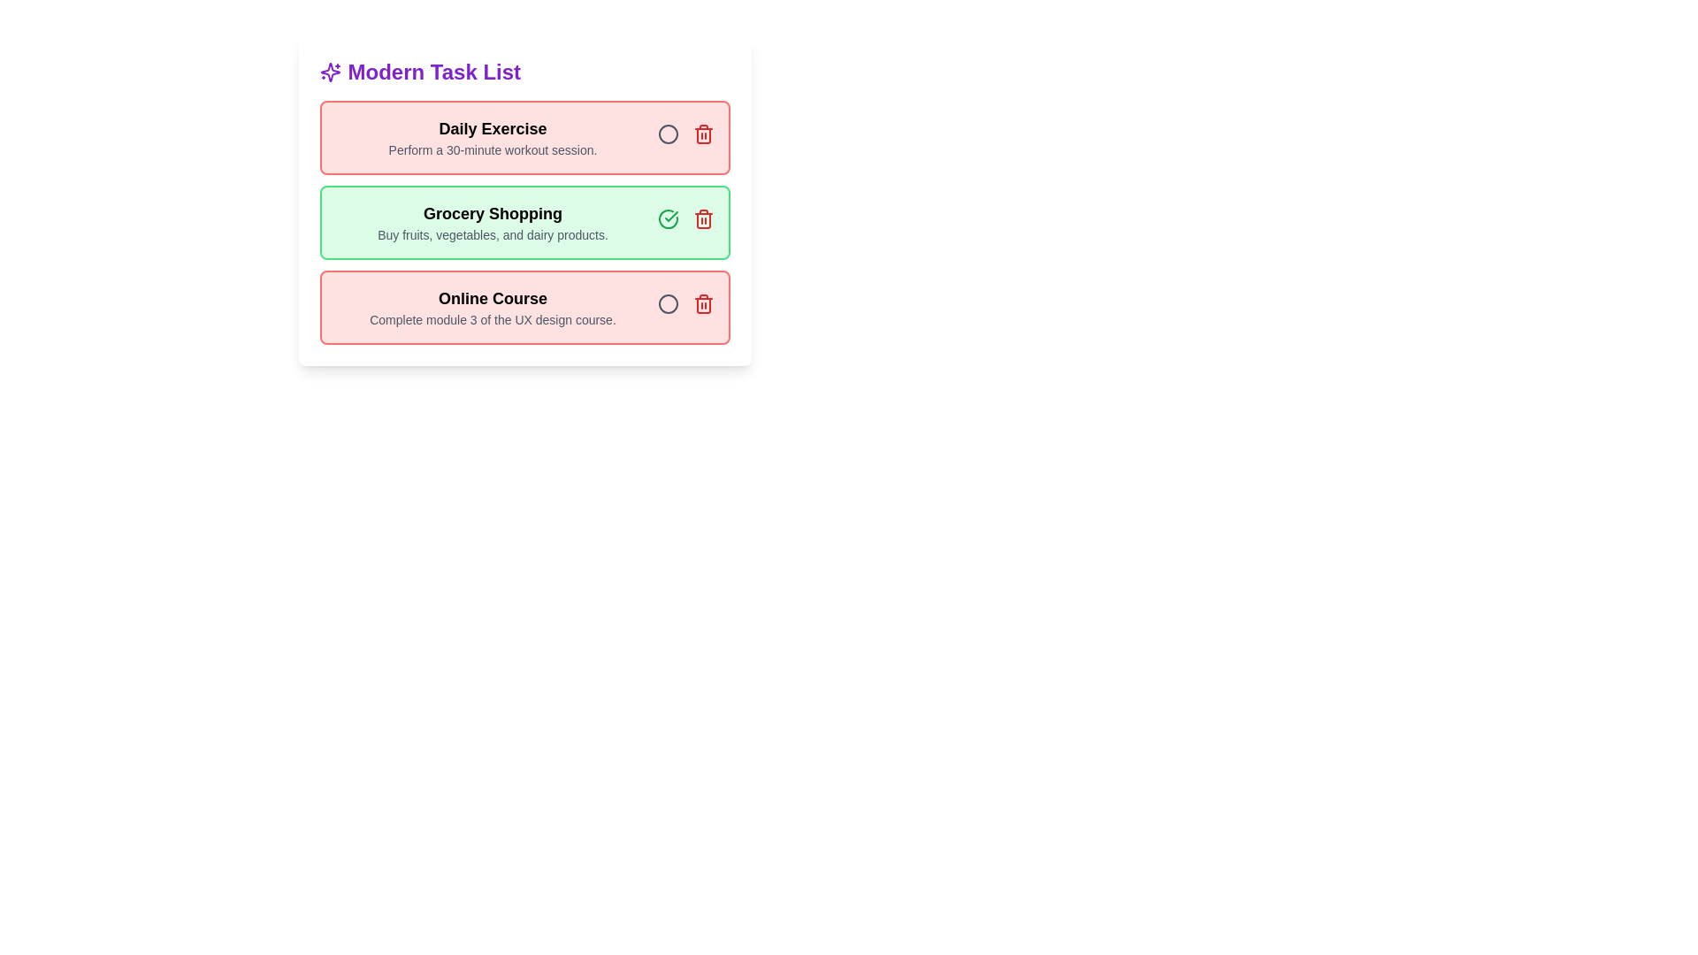 The width and height of the screenshot is (1698, 955). What do you see at coordinates (702, 133) in the screenshot?
I see `delete button for the task titled 'Daily Exercise'` at bounding box center [702, 133].